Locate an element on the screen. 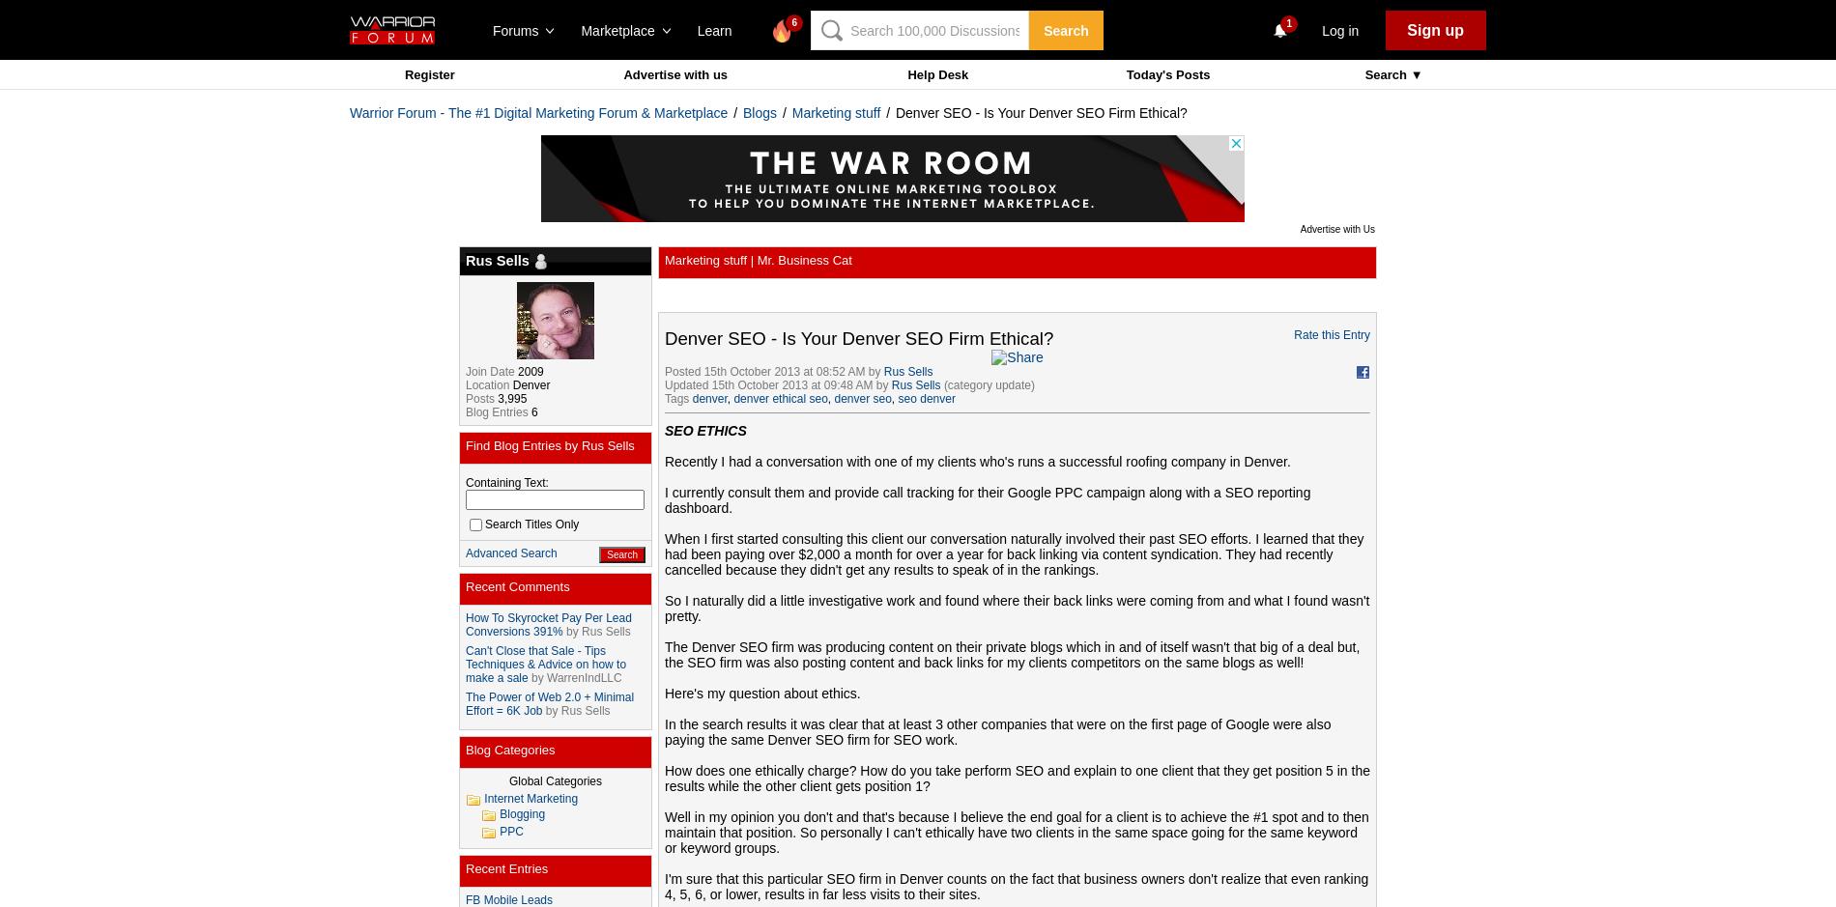  'Marketing stuff |' is located at coordinates (709, 259).